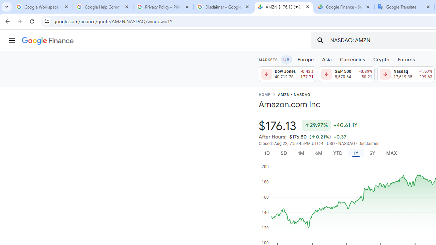 Image resolution: width=436 pixels, height=245 pixels. Describe the element at coordinates (283, 153) in the screenshot. I see `'5D'` at that location.